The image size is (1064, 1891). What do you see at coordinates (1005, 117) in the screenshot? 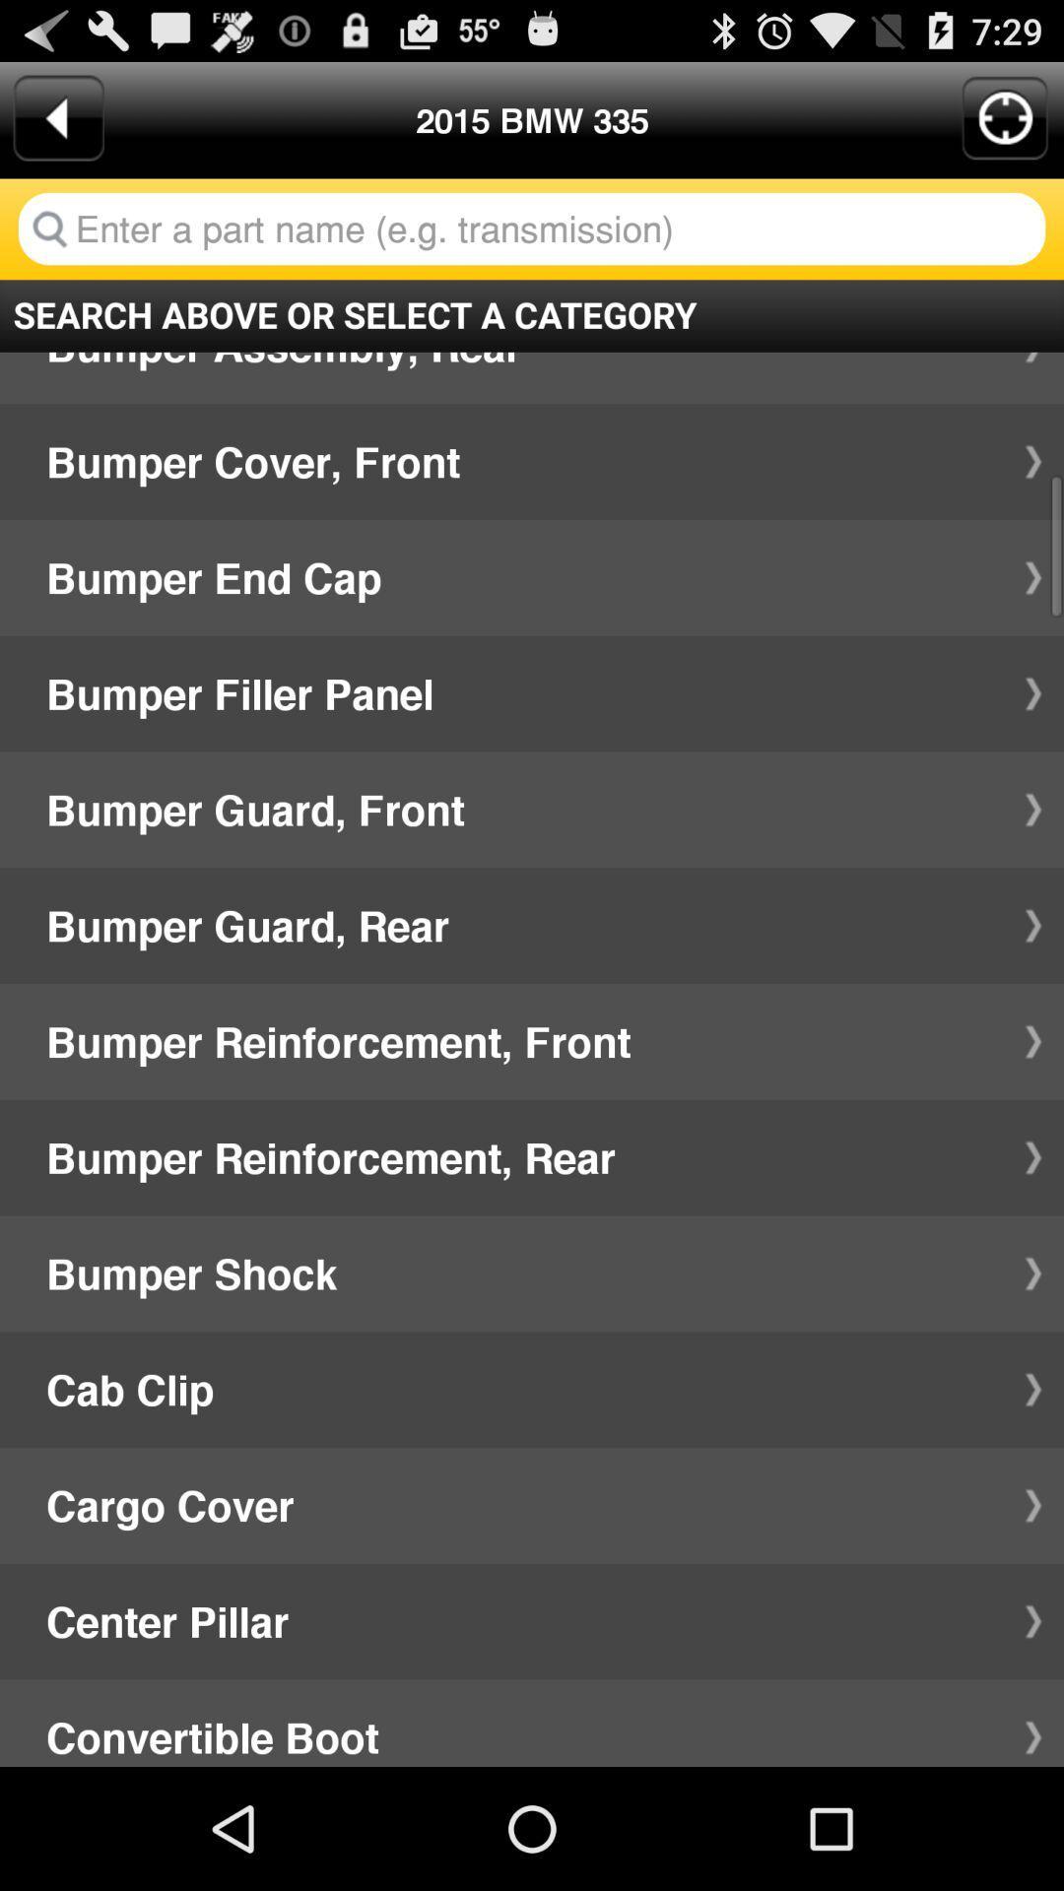
I see `icon to the right of 2015 bmw 335 app` at bounding box center [1005, 117].